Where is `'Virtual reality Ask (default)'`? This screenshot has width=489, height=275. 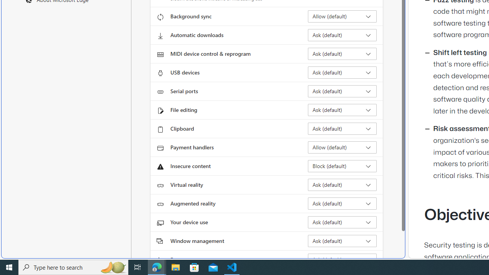
'Virtual reality Ask (default)' is located at coordinates (342, 184).